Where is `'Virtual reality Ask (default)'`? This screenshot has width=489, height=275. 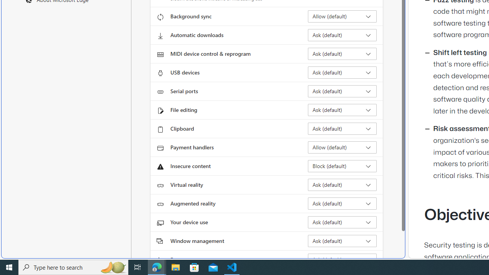
'Virtual reality Ask (default)' is located at coordinates (342, 184).